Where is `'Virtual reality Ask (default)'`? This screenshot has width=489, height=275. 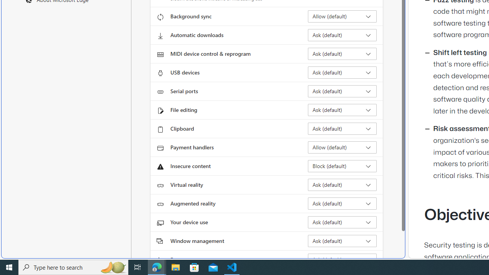
'Virtual reality Ask (default)' is located at coordinates (342, 184).